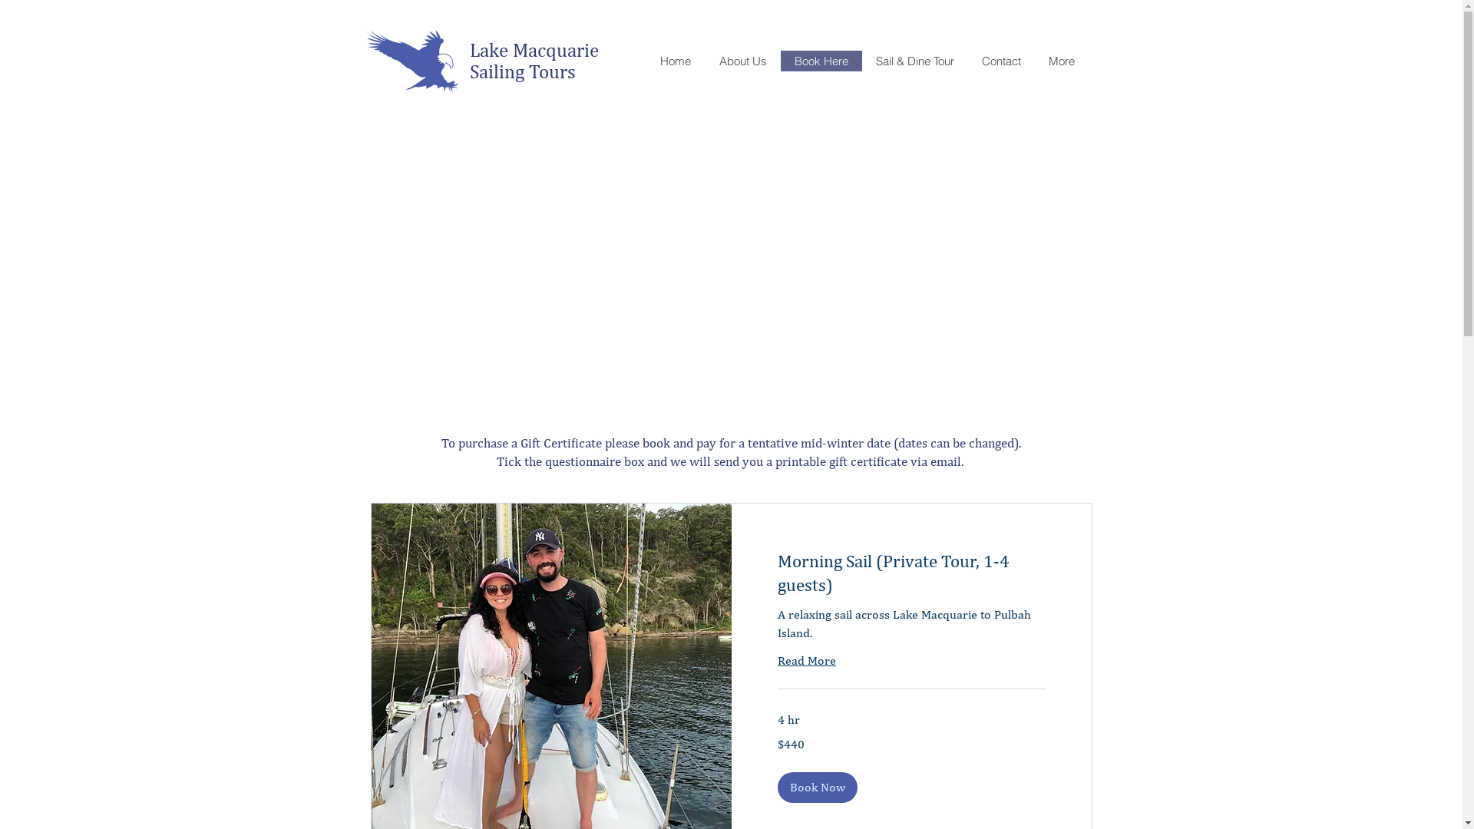 Image resolution: width=1474 pixels, height=829 pixels. What do you see at coordinates (911, 573) in the screenshot?
I see `'Morning Sail (Private Tour, 1-4 guests)'` at bounding box center [911, 573].